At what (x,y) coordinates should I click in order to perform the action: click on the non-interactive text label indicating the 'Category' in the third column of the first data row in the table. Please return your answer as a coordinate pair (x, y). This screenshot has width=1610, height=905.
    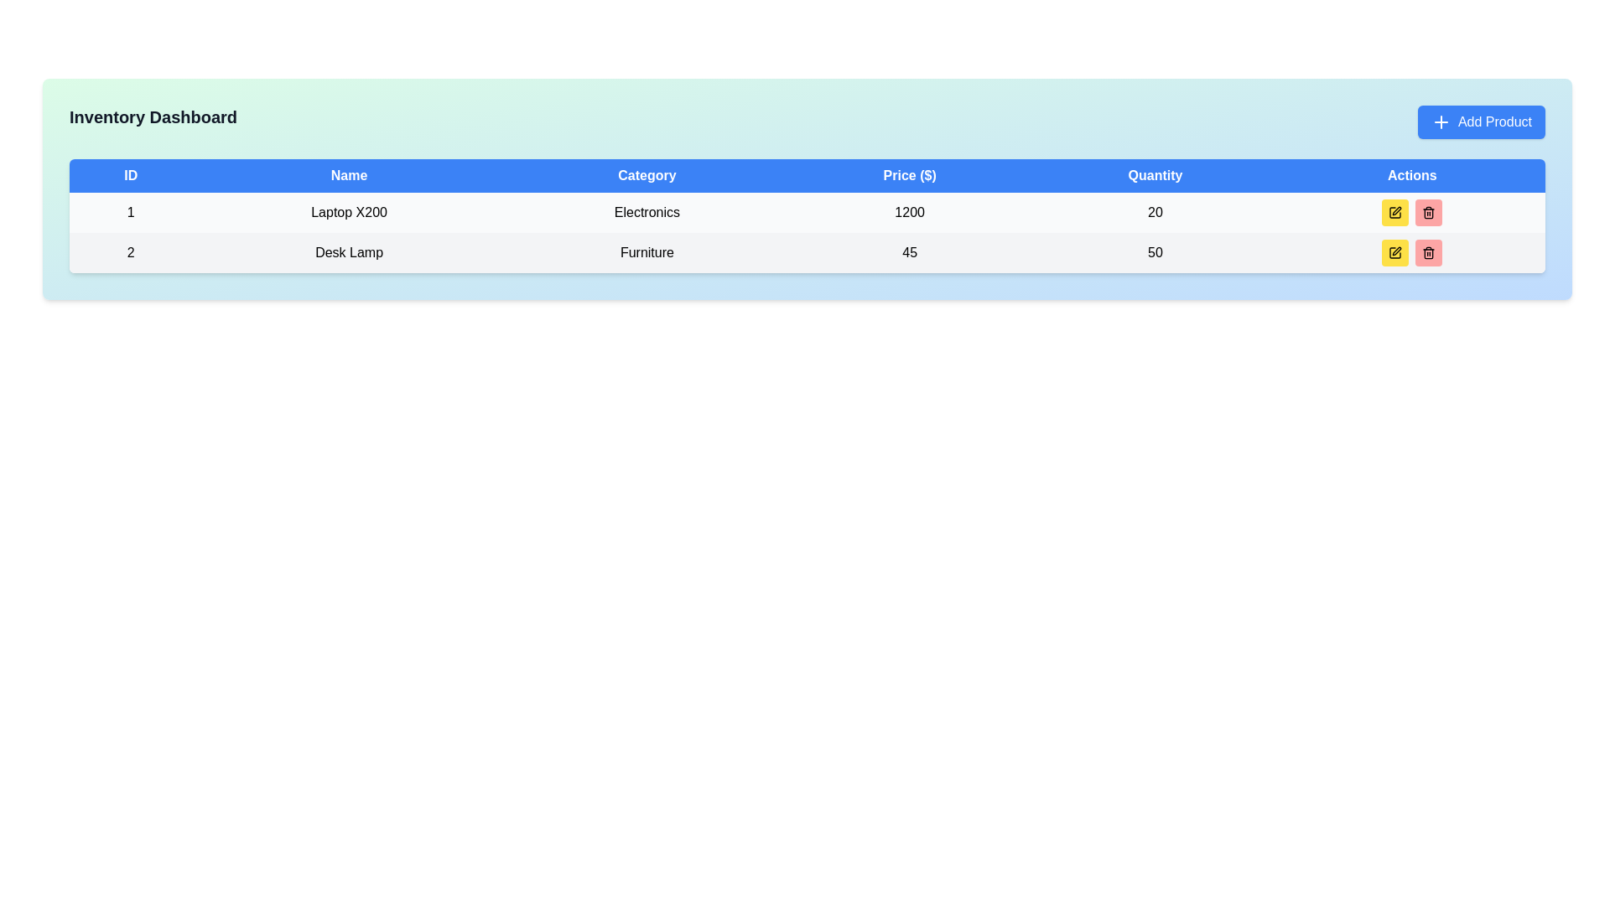
    Looking at the image, I should click on (646, 212).